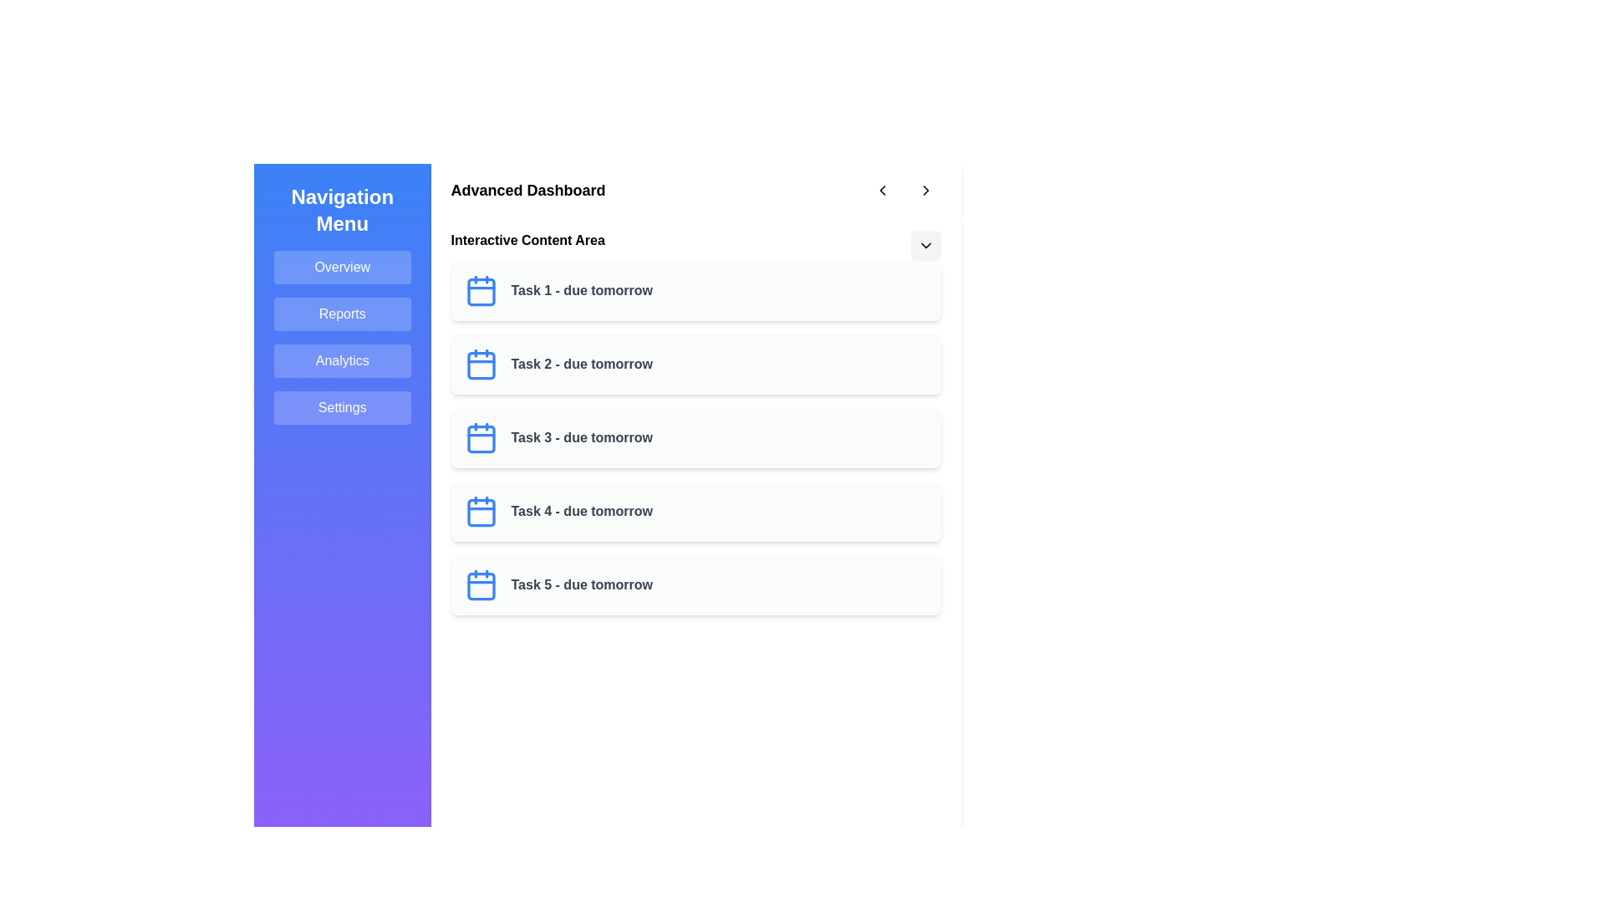 The width and height of the screenshot is (1605, 903). What do you see at coordinates (695, 511) in the screenshot?
I see `the Task representation box located` at bounding box center [695, 511].